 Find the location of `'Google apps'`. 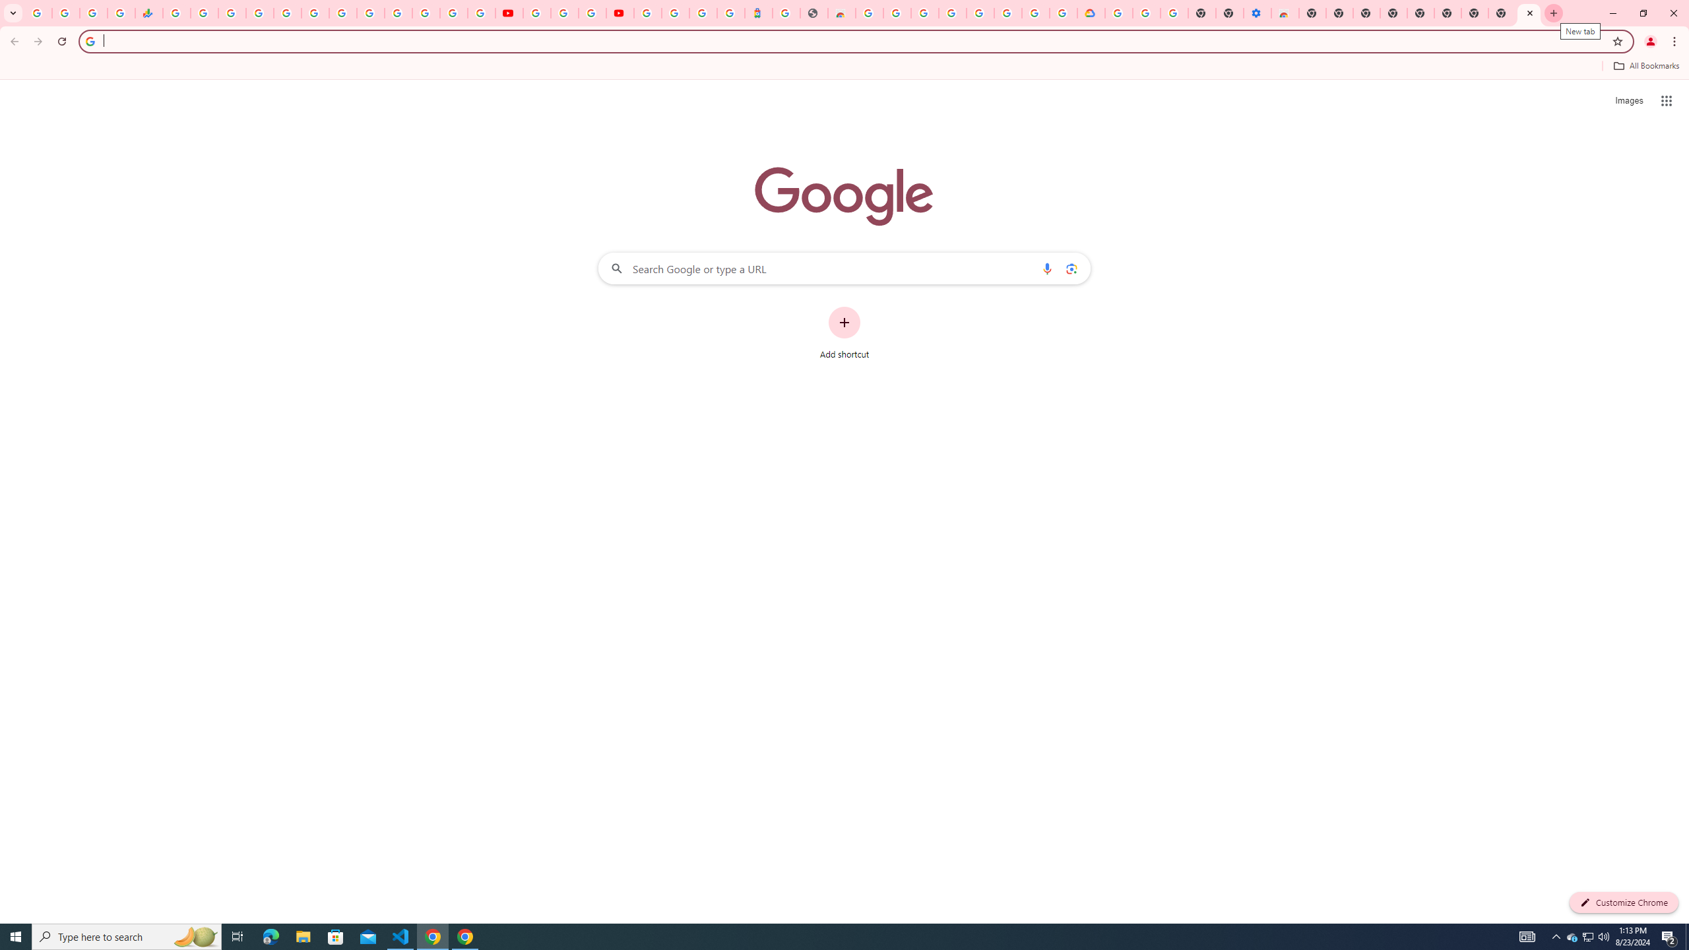

'Google apps' is located at coordinates (1667, 100).